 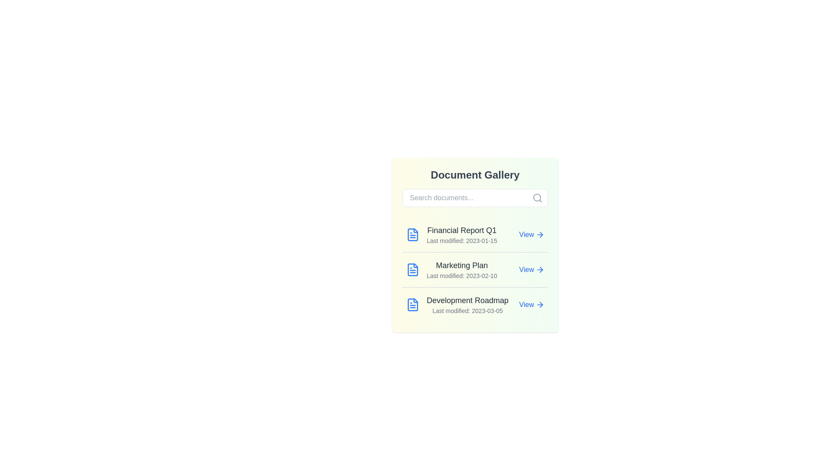 I want to click on the 'View' button of the document titled Development Roadmap, so click(x=531, y=304).